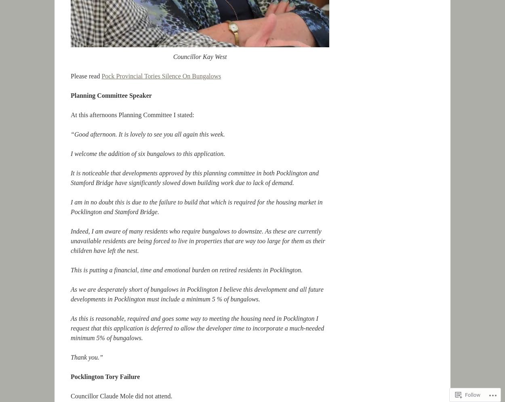 Image resolution: width=505 pixels, height=402 pixels. I want to click on 'Thank you.”', so click(71, 357).